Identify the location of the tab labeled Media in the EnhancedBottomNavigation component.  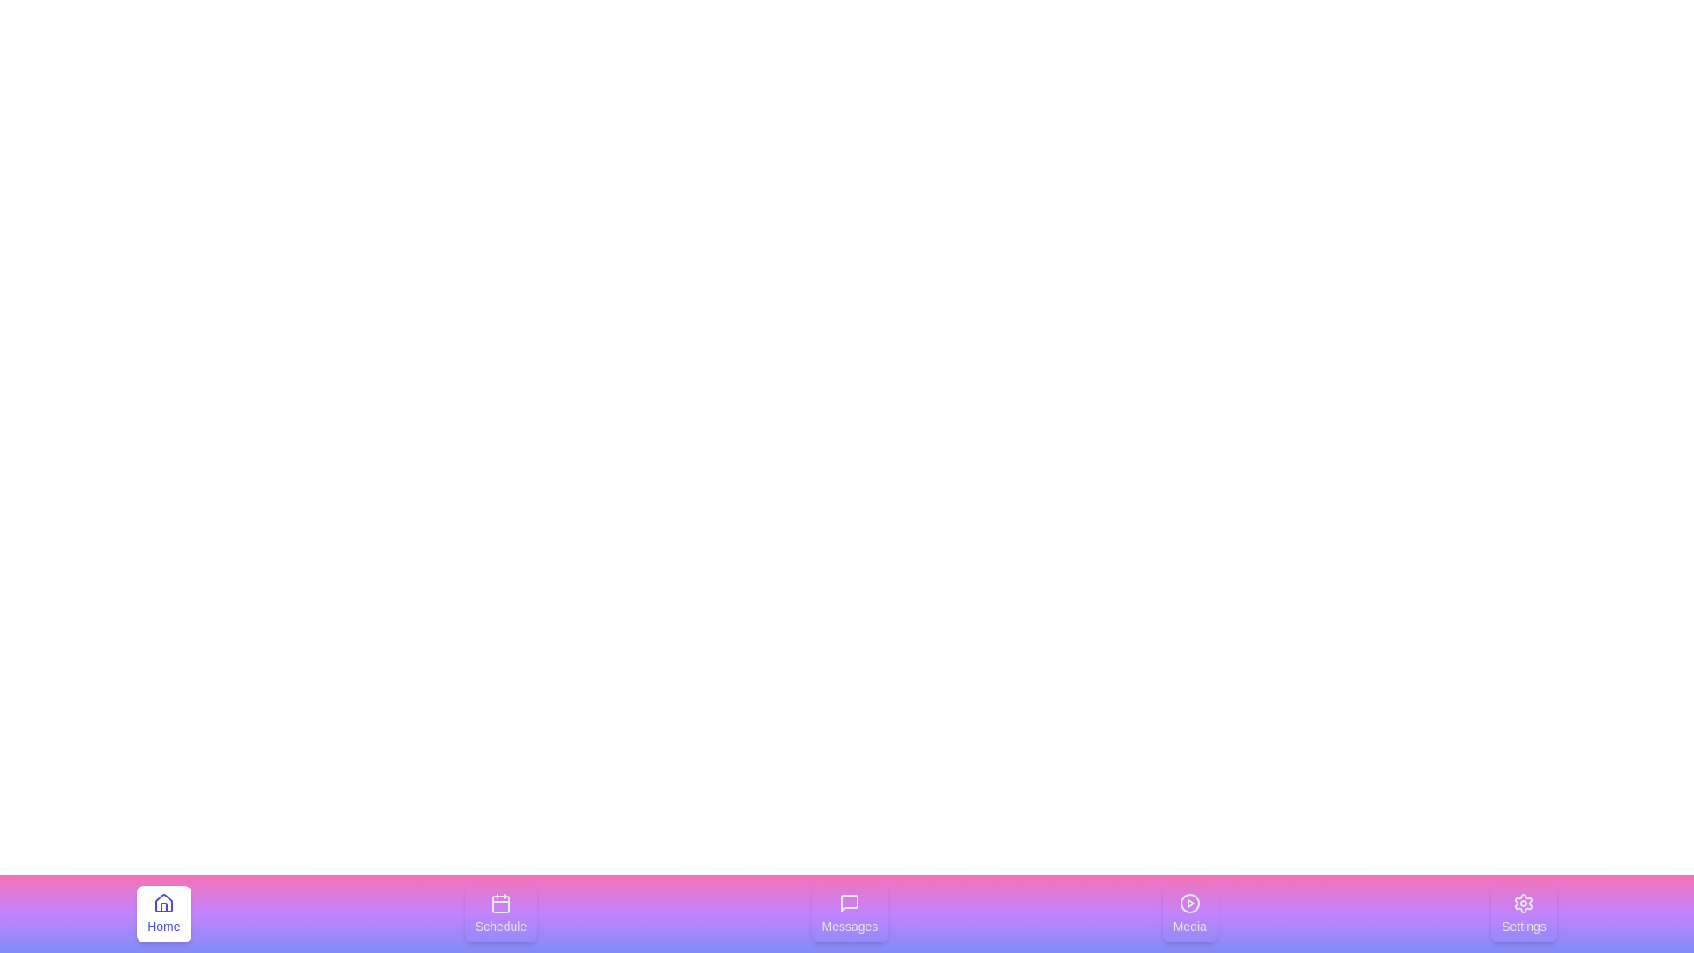
(1189, 913).